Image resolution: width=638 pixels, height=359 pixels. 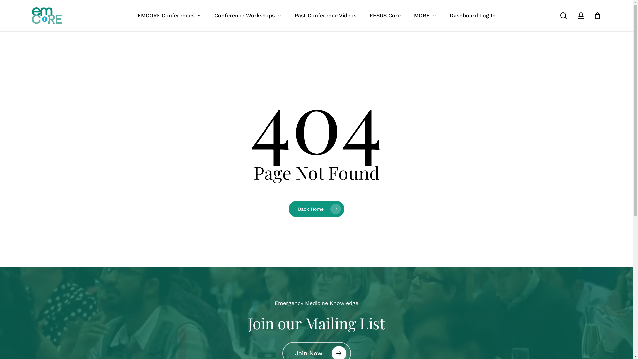 What do you see at coordinates (425, 15) in the screenshot?
I see `'MORE'` at bounding box center [425, 15].